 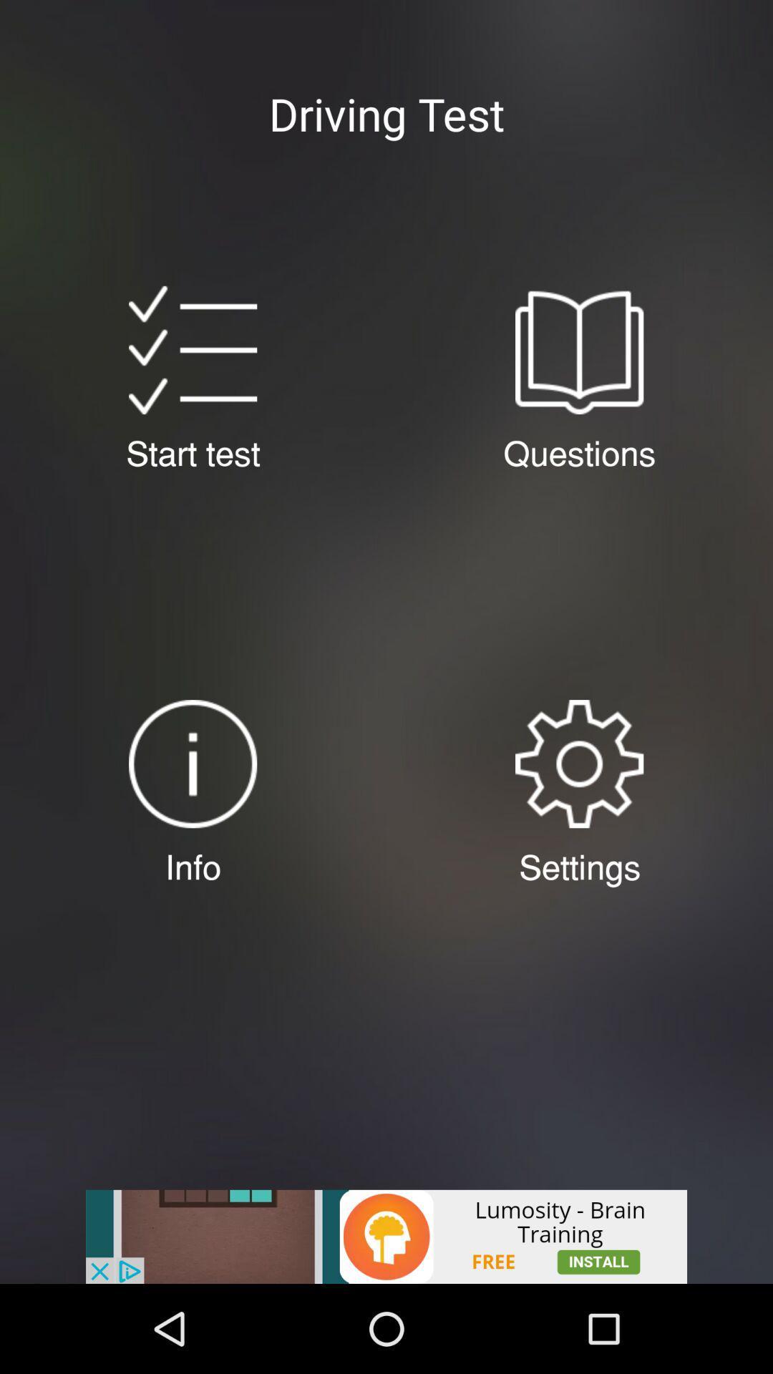 What do you see at coordinates (578, 763) in the screenshot?
I see `settings option` at bounding box center [578, 763].